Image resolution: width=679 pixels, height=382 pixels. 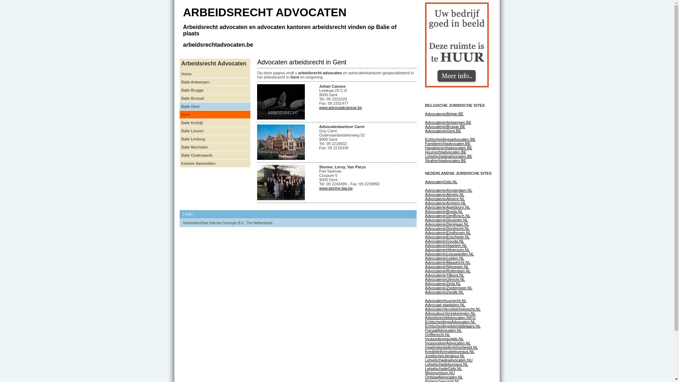 I want to click on 'AdvocateninHilversum.NL', so click(x=447, y=249).